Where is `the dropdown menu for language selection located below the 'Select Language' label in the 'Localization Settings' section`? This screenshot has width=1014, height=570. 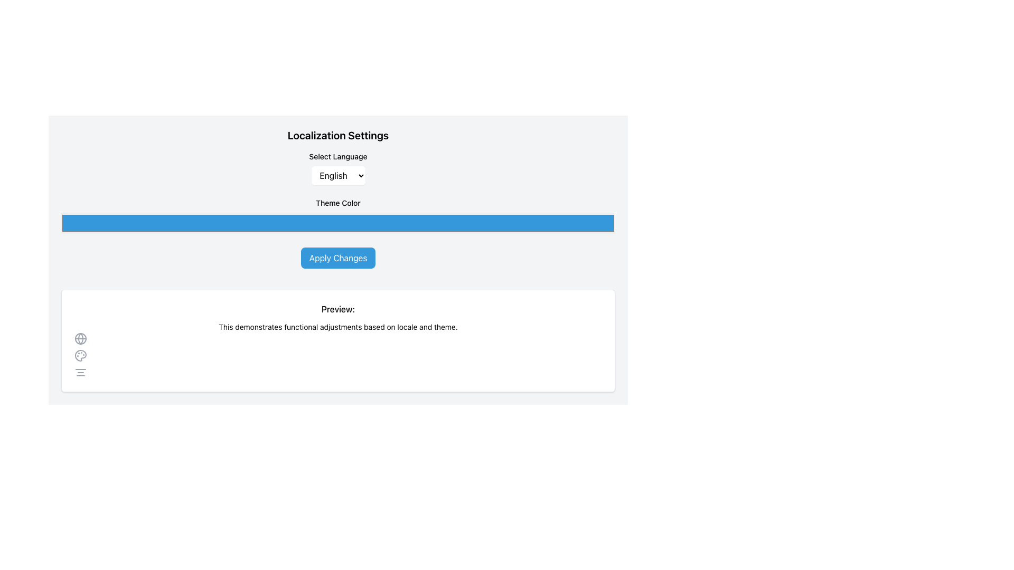
the dropdown menu for language selection located below the 'Select Language' label in the 'Localization Settings' section is located at coordinates (338, 175).